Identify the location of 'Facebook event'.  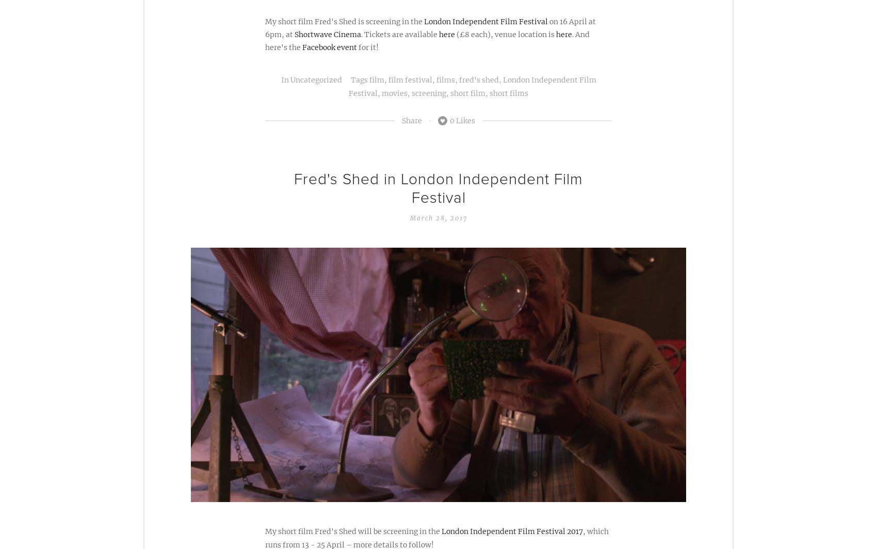
(330, 47).